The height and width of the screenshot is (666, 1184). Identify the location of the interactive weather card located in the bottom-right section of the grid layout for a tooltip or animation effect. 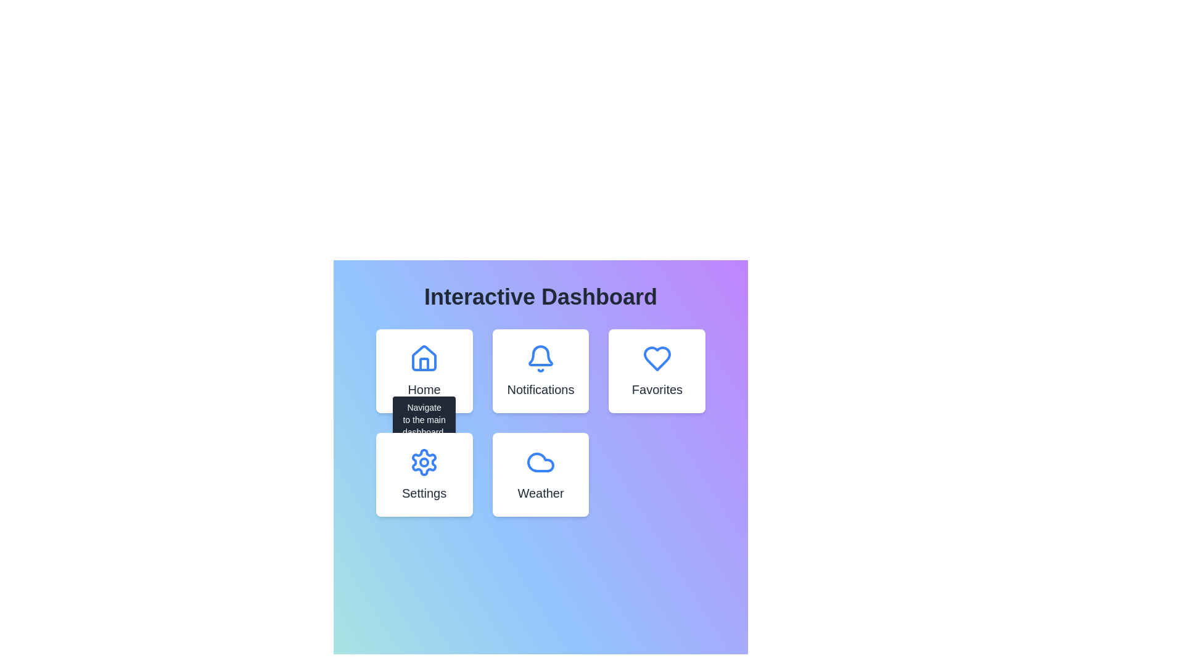
(541, 474).